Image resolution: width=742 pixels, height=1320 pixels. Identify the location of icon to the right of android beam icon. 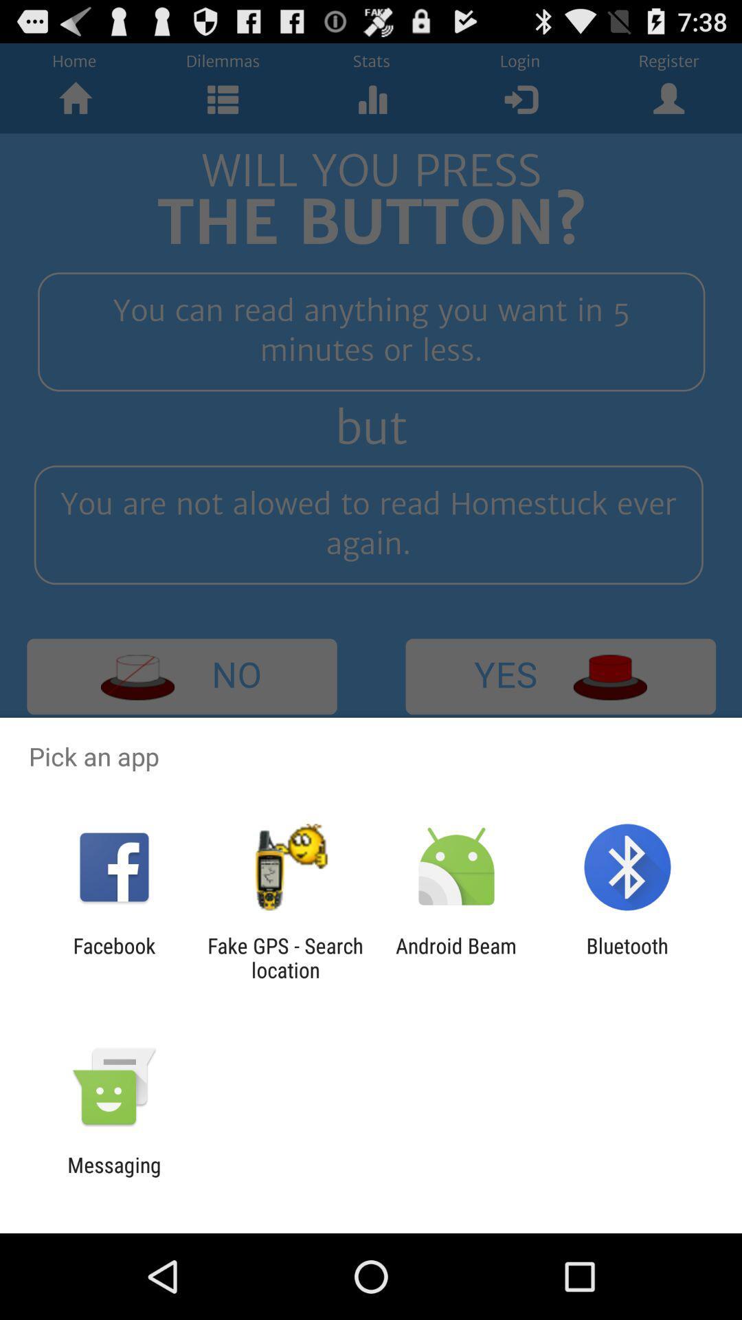
(627, 957).